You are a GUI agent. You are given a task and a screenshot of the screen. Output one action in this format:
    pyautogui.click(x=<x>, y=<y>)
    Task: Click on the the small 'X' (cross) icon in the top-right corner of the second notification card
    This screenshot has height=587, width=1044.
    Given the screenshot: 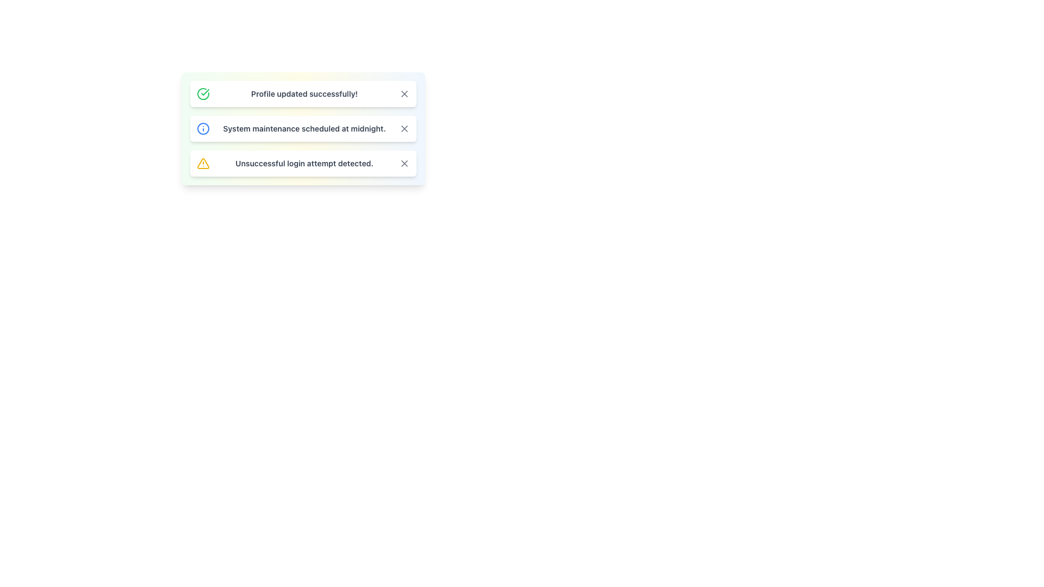 What is the action you would take?
    pyautogui.click(x=404, y=128)
    